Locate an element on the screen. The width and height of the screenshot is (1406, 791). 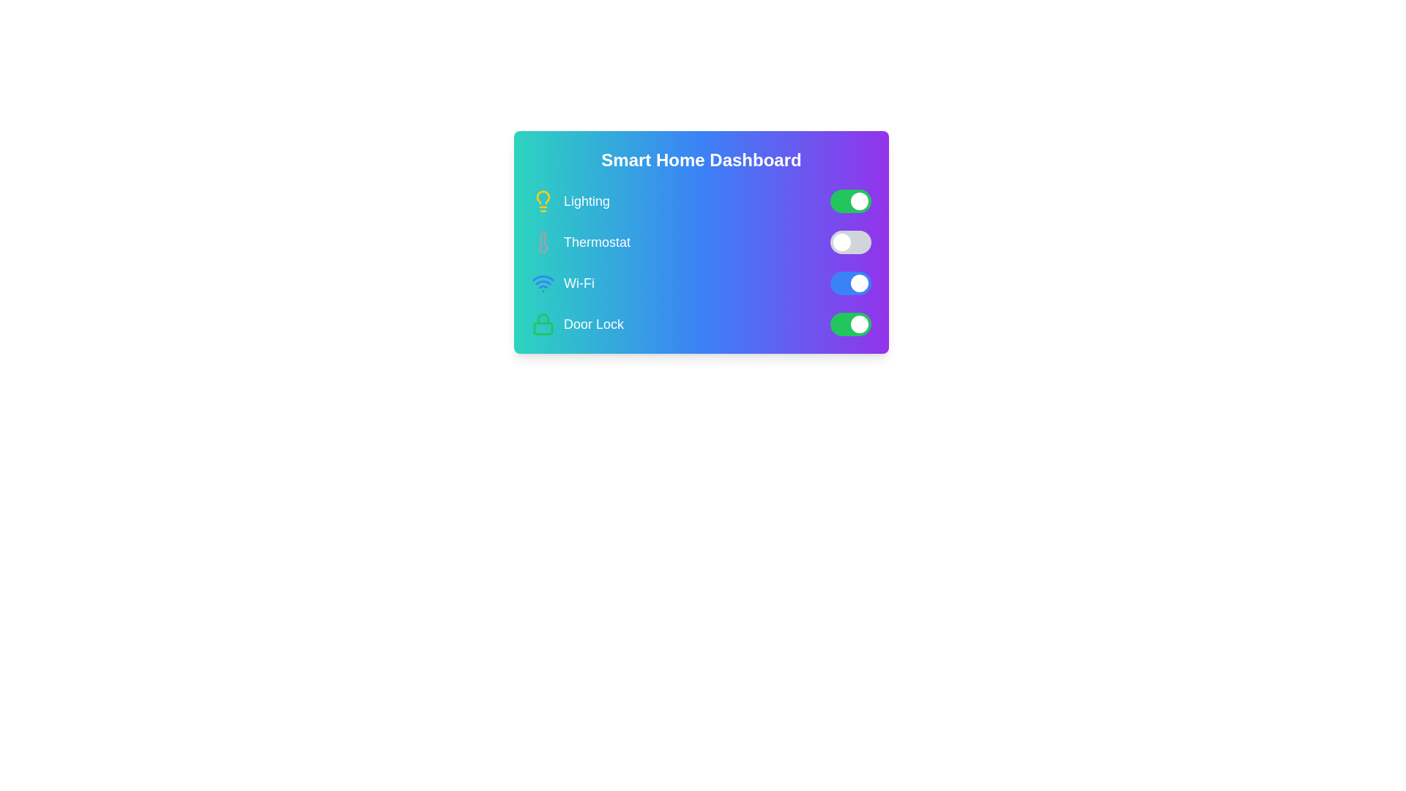
the lock icon located in the lower-left corner of the dashboard card, adjacent to the text label 'Door Lock' is located at coordinates (543, 324).